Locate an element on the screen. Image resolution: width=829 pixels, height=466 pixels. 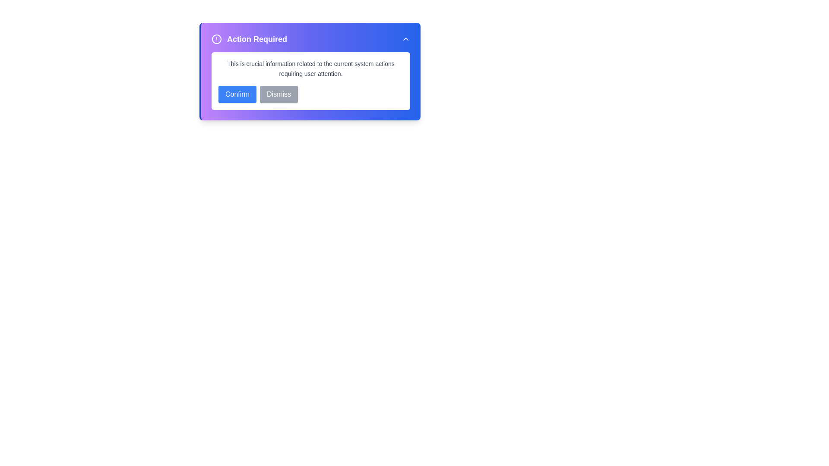
the 'Confirm' button to acknowledge the information is located at coordinates (237, 94).